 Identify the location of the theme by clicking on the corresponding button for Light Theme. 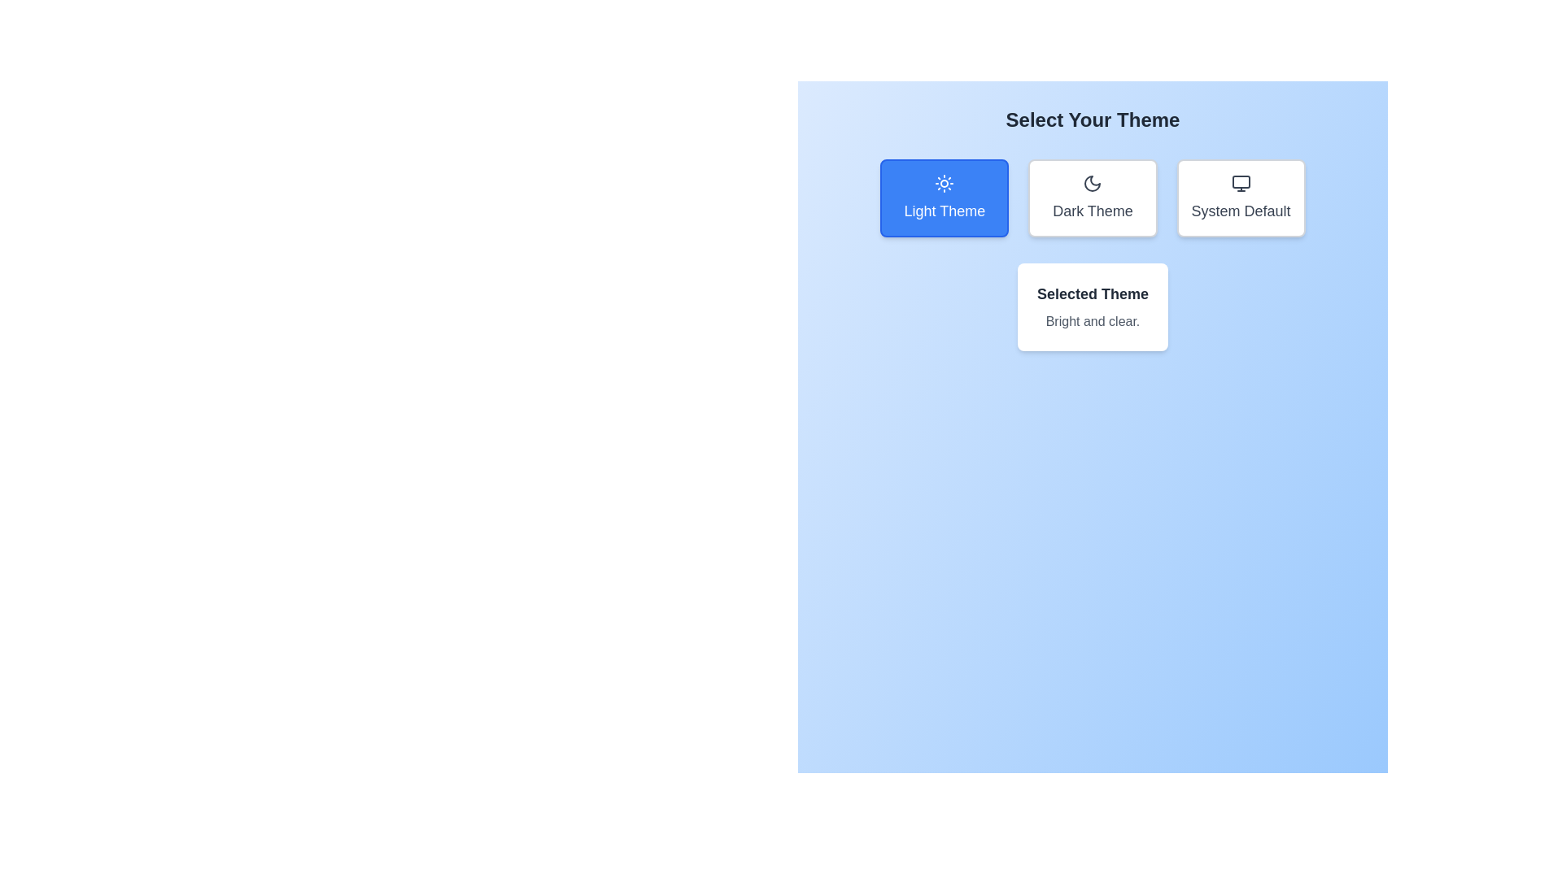
(945, 197).